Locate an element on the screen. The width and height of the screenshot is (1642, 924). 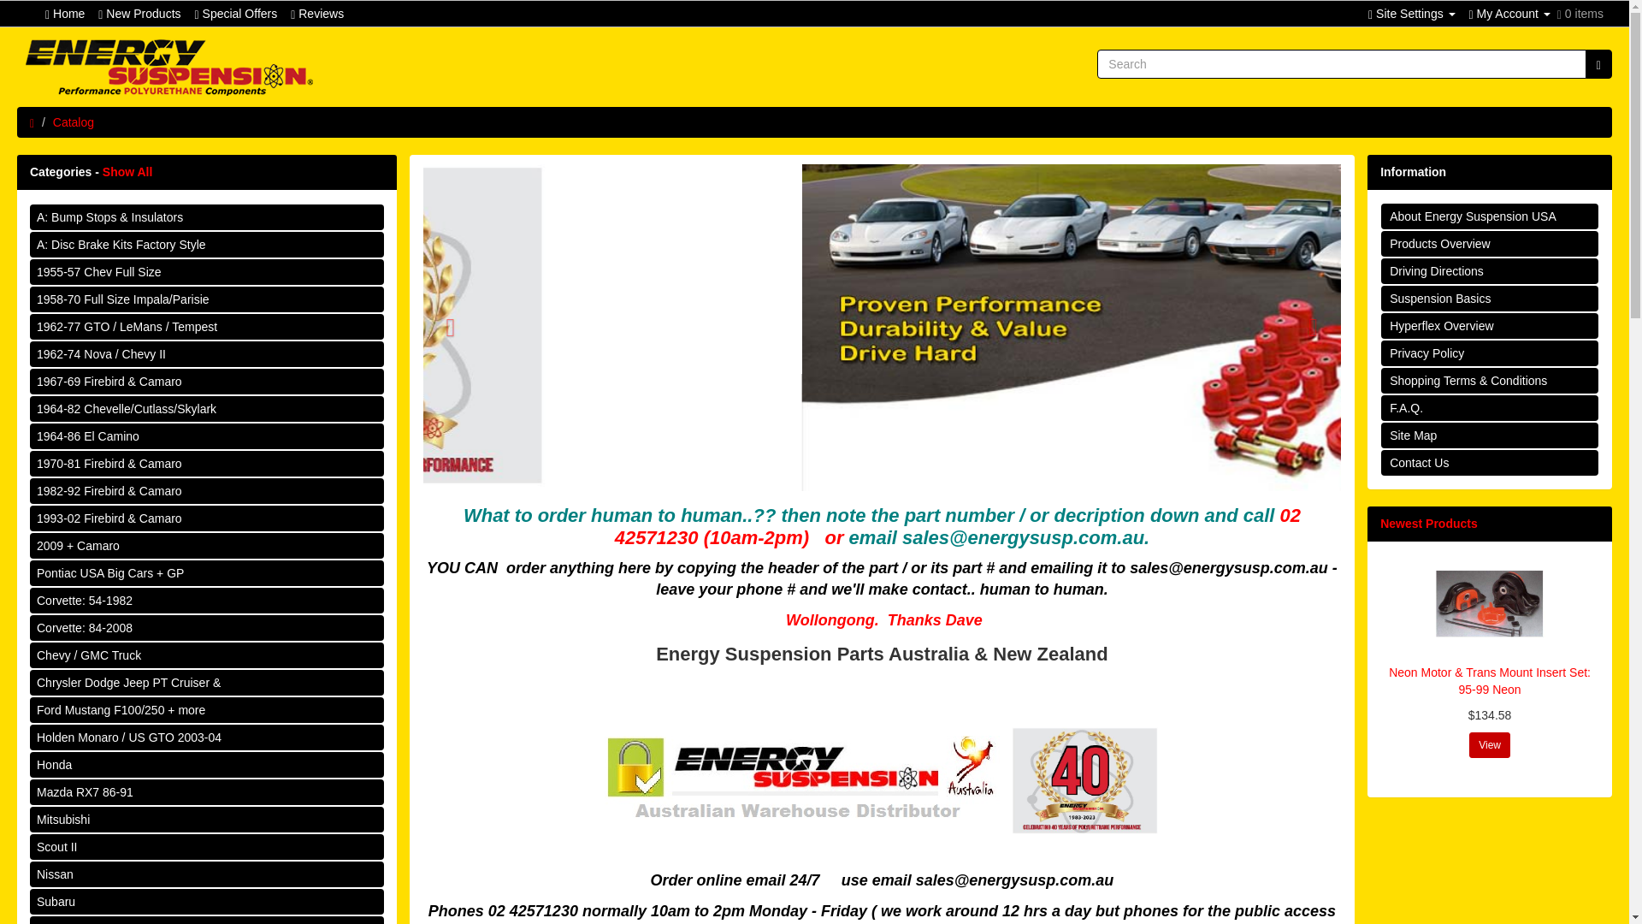
'Reviews' is located at coordinates (316, 13).